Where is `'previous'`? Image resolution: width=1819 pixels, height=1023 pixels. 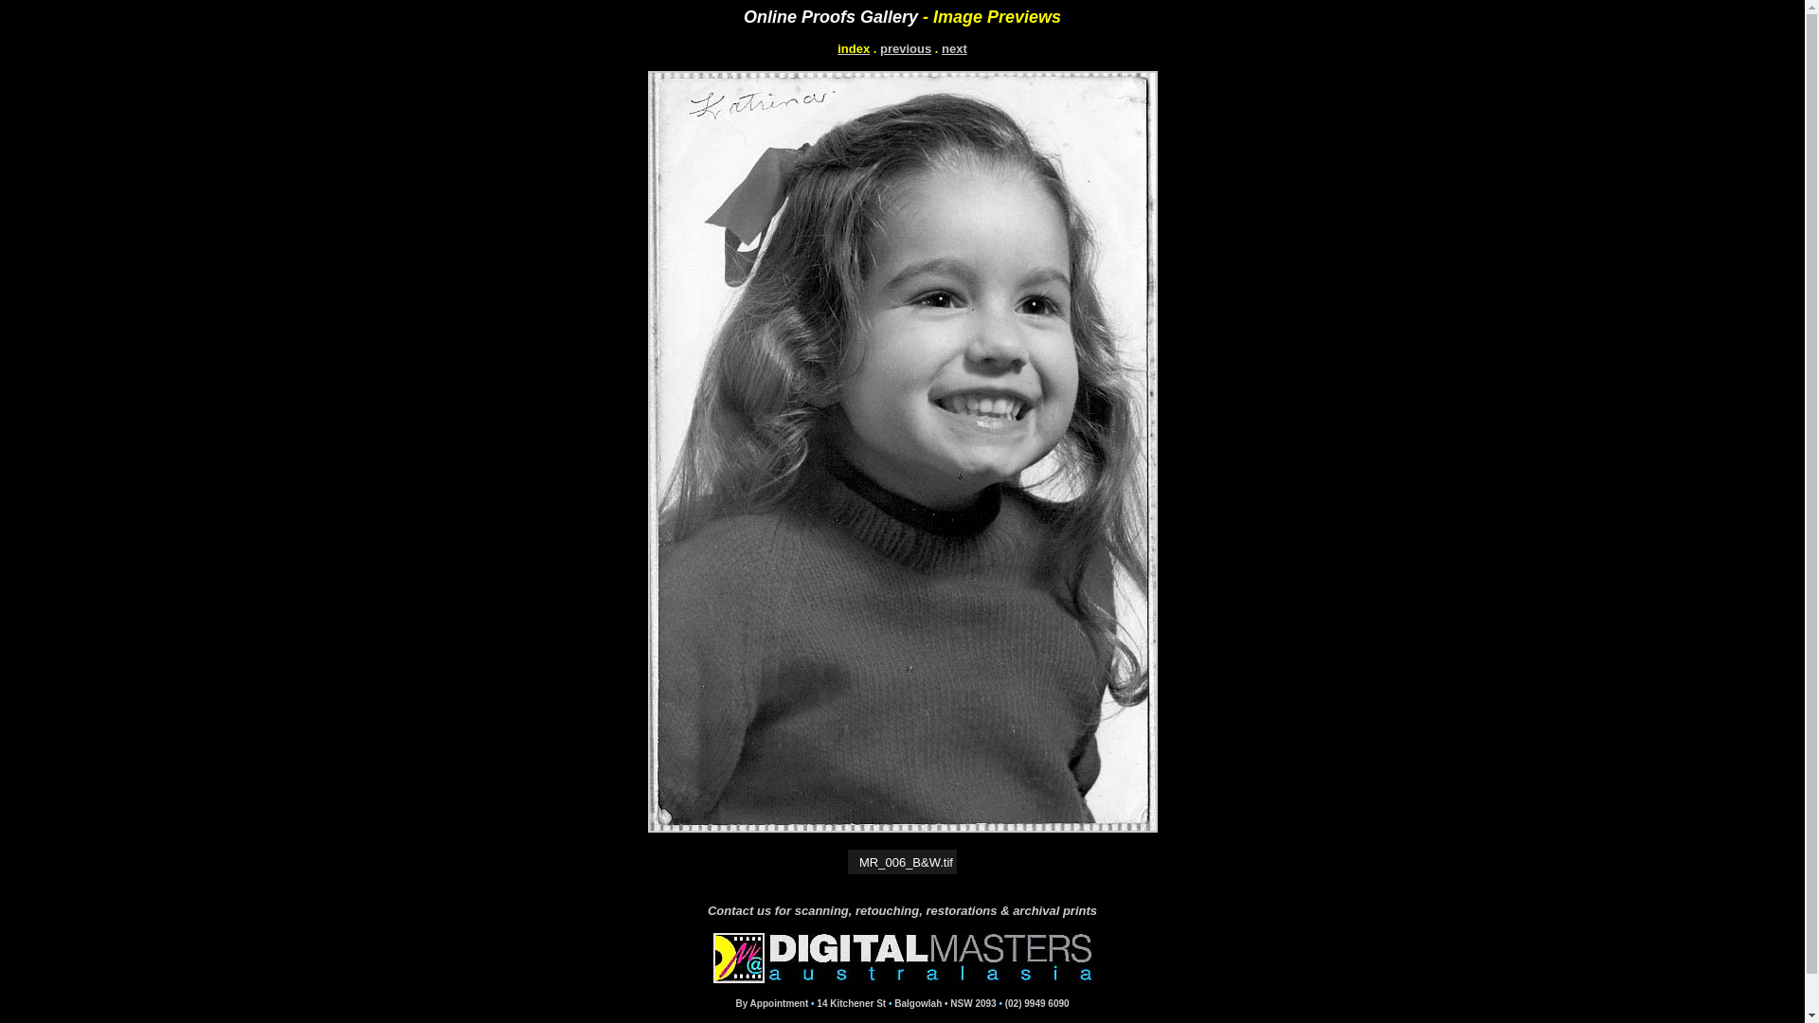
'previous' is located at coordinates (904, 47).